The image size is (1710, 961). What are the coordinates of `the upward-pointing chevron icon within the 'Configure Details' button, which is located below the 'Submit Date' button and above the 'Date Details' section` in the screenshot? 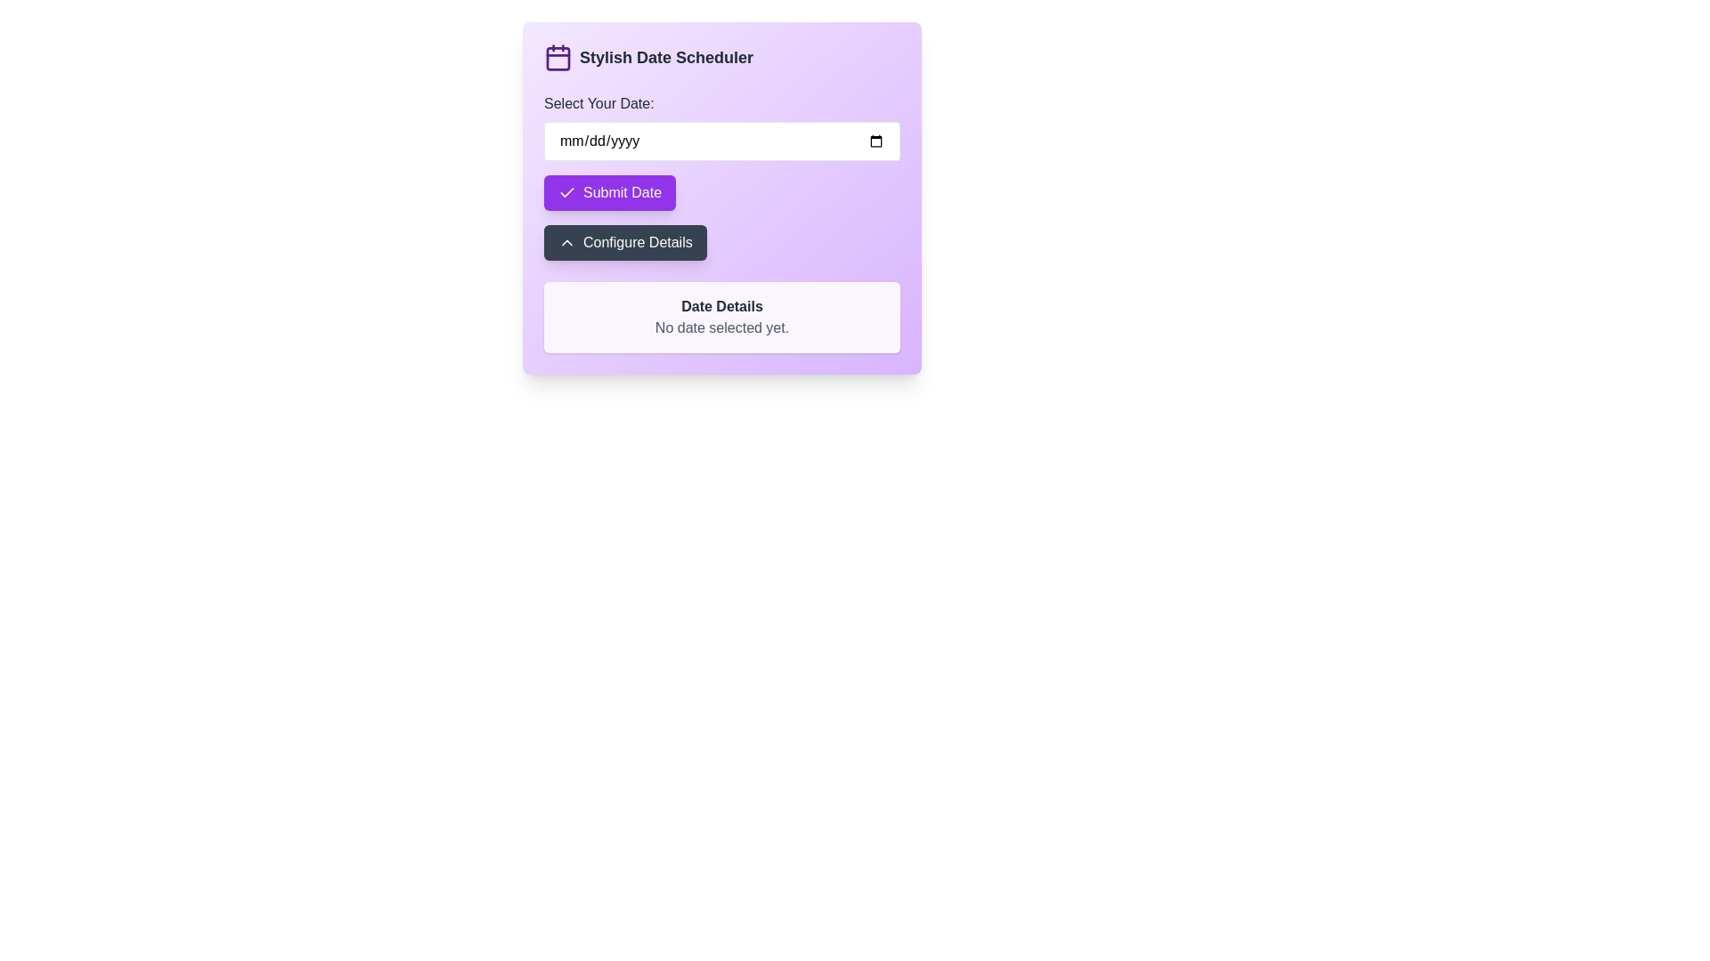 It's located at (566, 243).